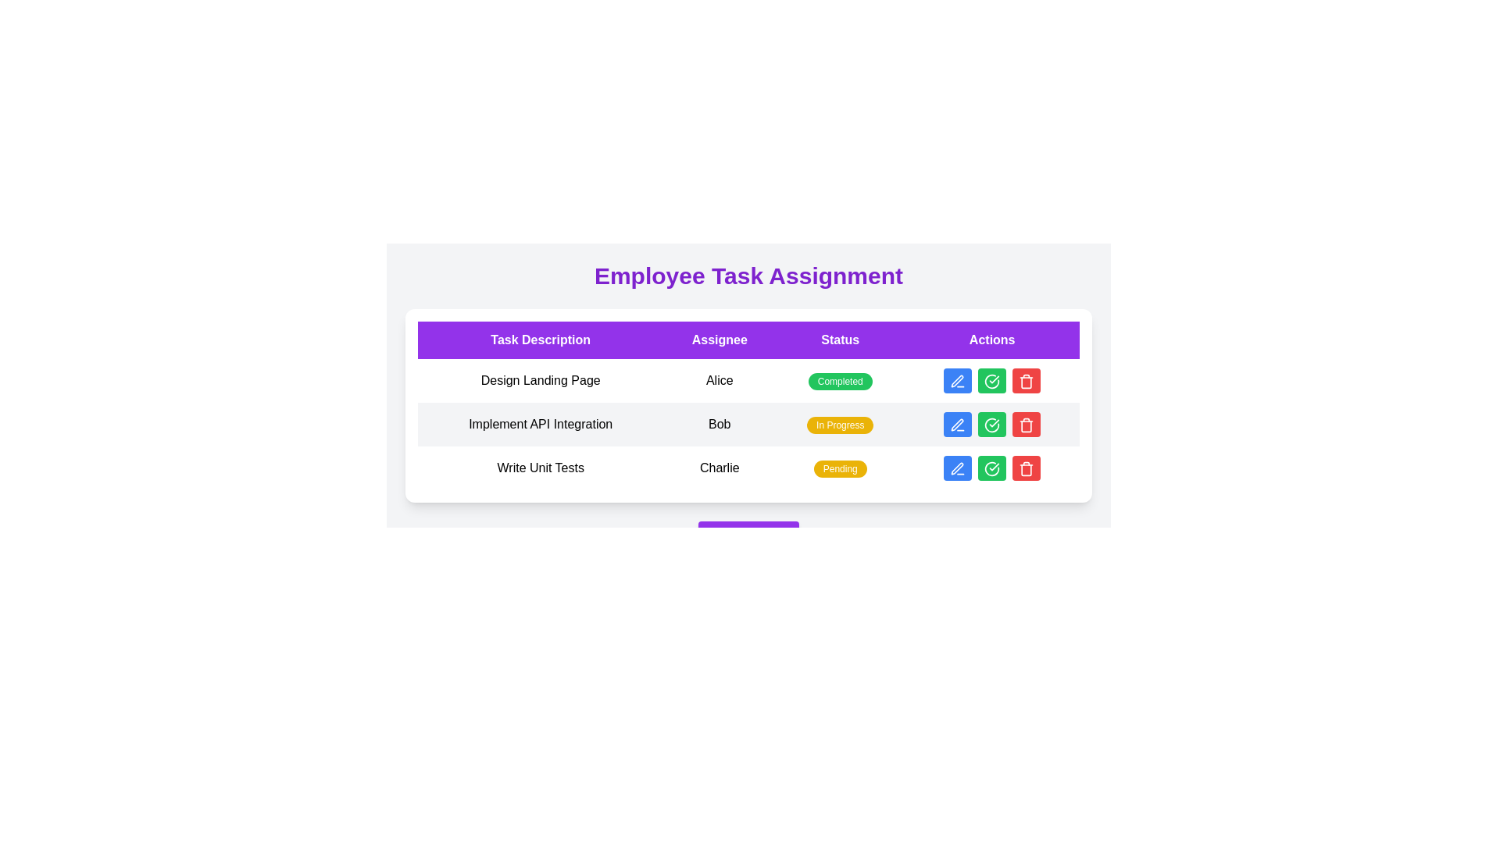  Describe the element at coordinates (719, 381) in the screenshot. I see `text from the 'Alice' text label located in the second column of the first row of the table under the 'Assignee' column in the 'Employee Task Assignment' interface` at that location.